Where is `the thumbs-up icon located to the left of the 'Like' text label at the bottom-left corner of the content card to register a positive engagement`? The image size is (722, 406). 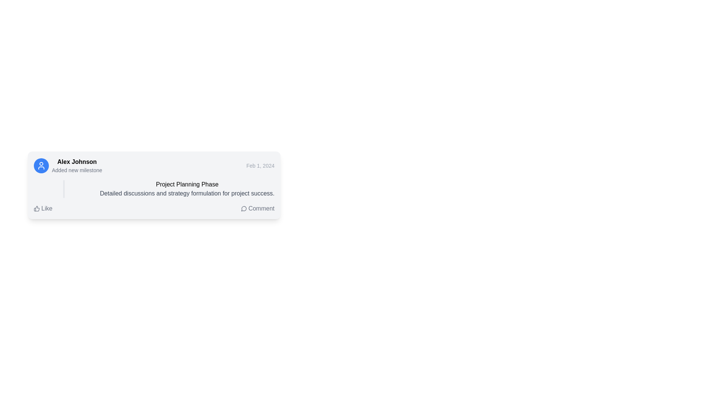
the thumbs-up icon located to the left of the 'Like' text label at the bottom-left corner of the content card to register a positive engagement is located at coordinates (36, 209).